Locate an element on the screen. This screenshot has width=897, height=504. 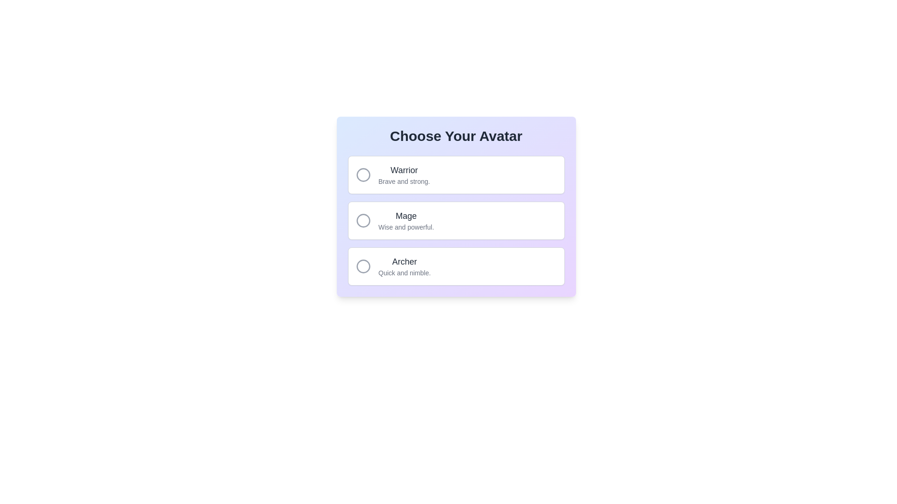
the circular icon representing the 'Archer' avatar, which is styled with a light gray outline and is positioned to the left of the text 'Archer' within its selectable card is located at coordinates (363, 266).